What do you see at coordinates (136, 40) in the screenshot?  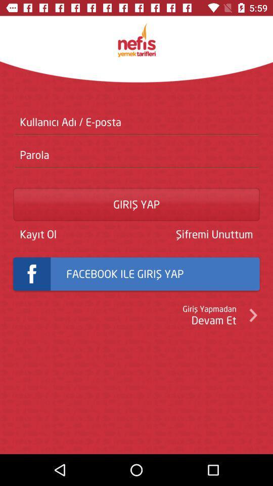 I see `the star icon` at bounding box center [136, 40].